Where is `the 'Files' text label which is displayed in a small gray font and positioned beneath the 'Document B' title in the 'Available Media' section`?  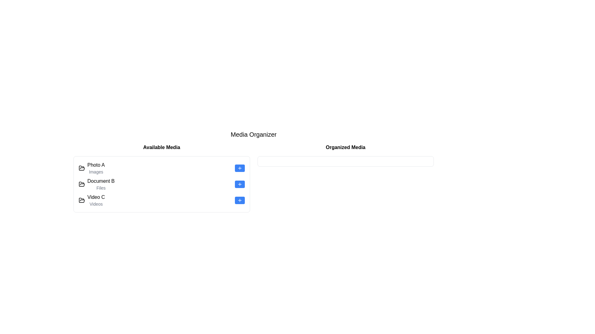 the 'Files' text label which is displayed in a small gray font and positioned beneath the 'Document B' title in the 'Available Media' section is located at coordinates (101, 188).